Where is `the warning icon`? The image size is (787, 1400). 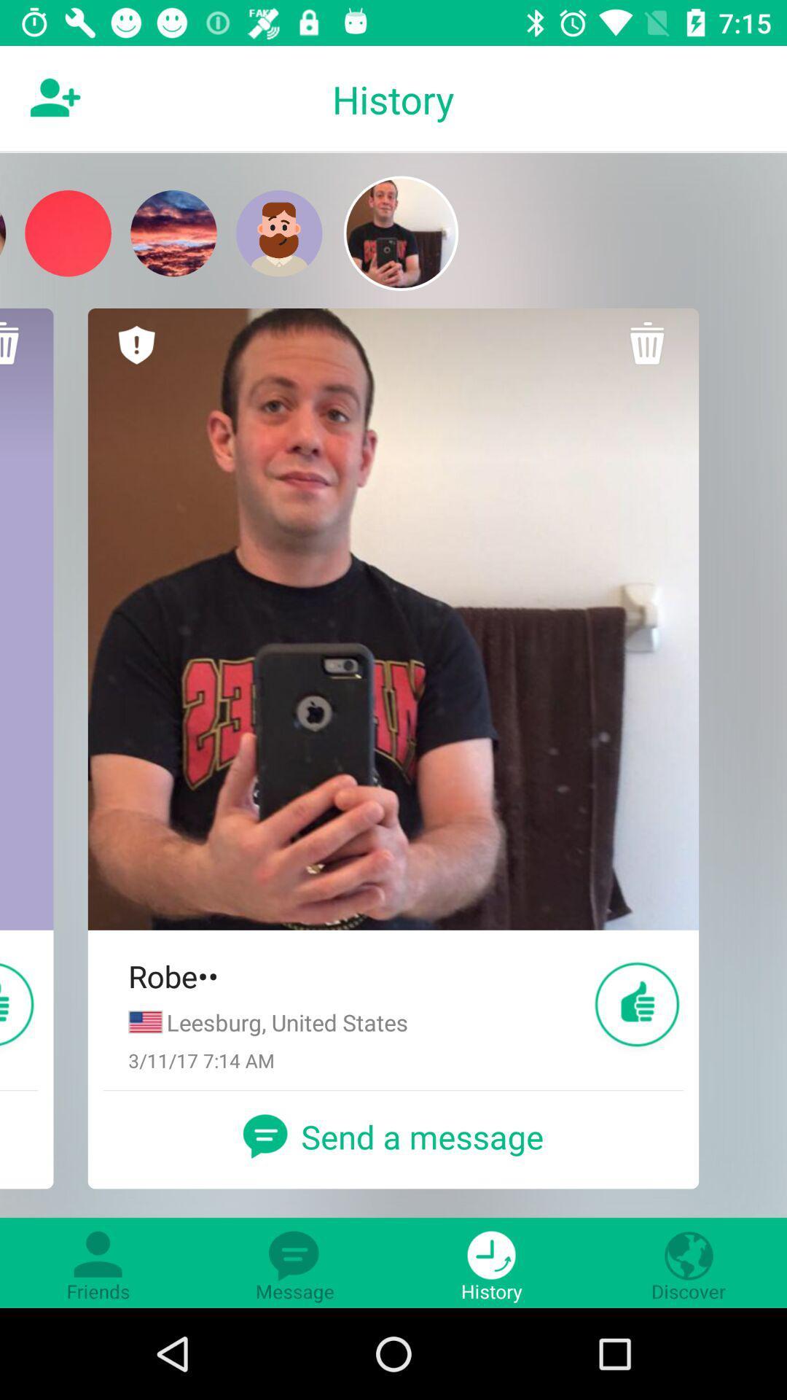 the warning icon is located at coordinates (138, 344).